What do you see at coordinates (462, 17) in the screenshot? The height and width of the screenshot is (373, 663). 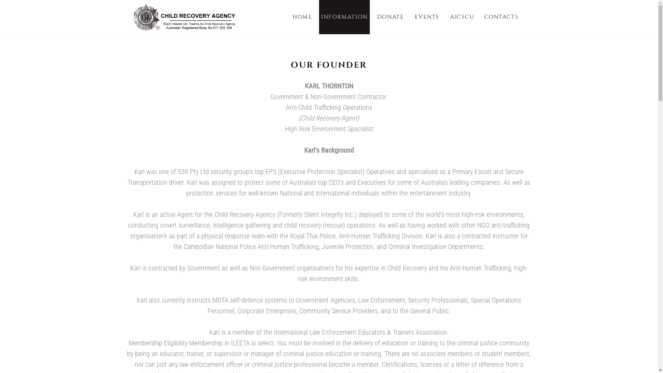 I see `'AICSCU'` at bounding box center [462, 17].